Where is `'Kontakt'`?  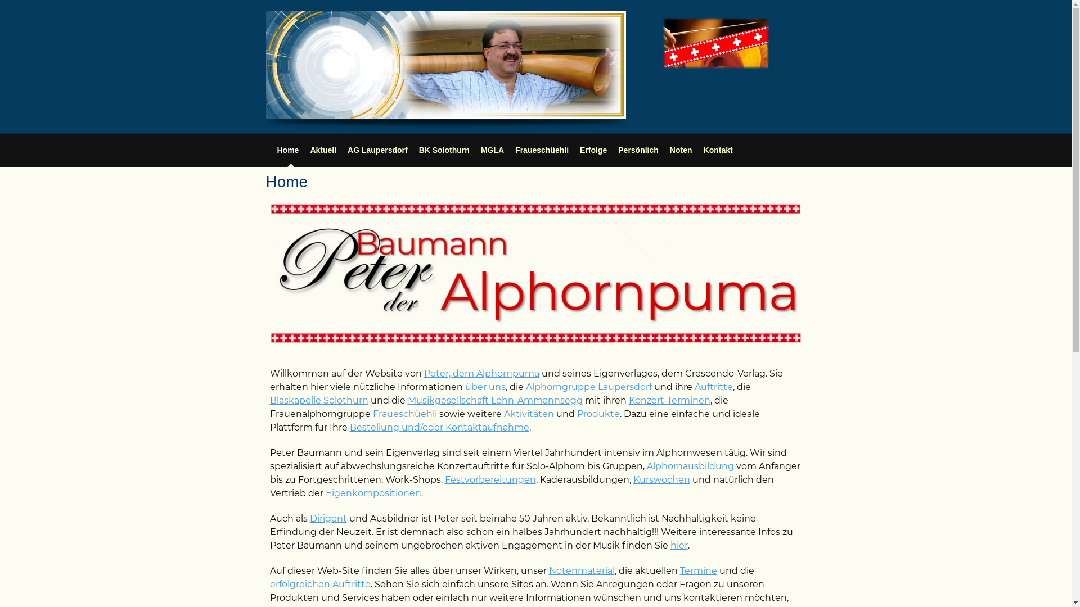 'Kontakt' is located at coordinates (703, 149).